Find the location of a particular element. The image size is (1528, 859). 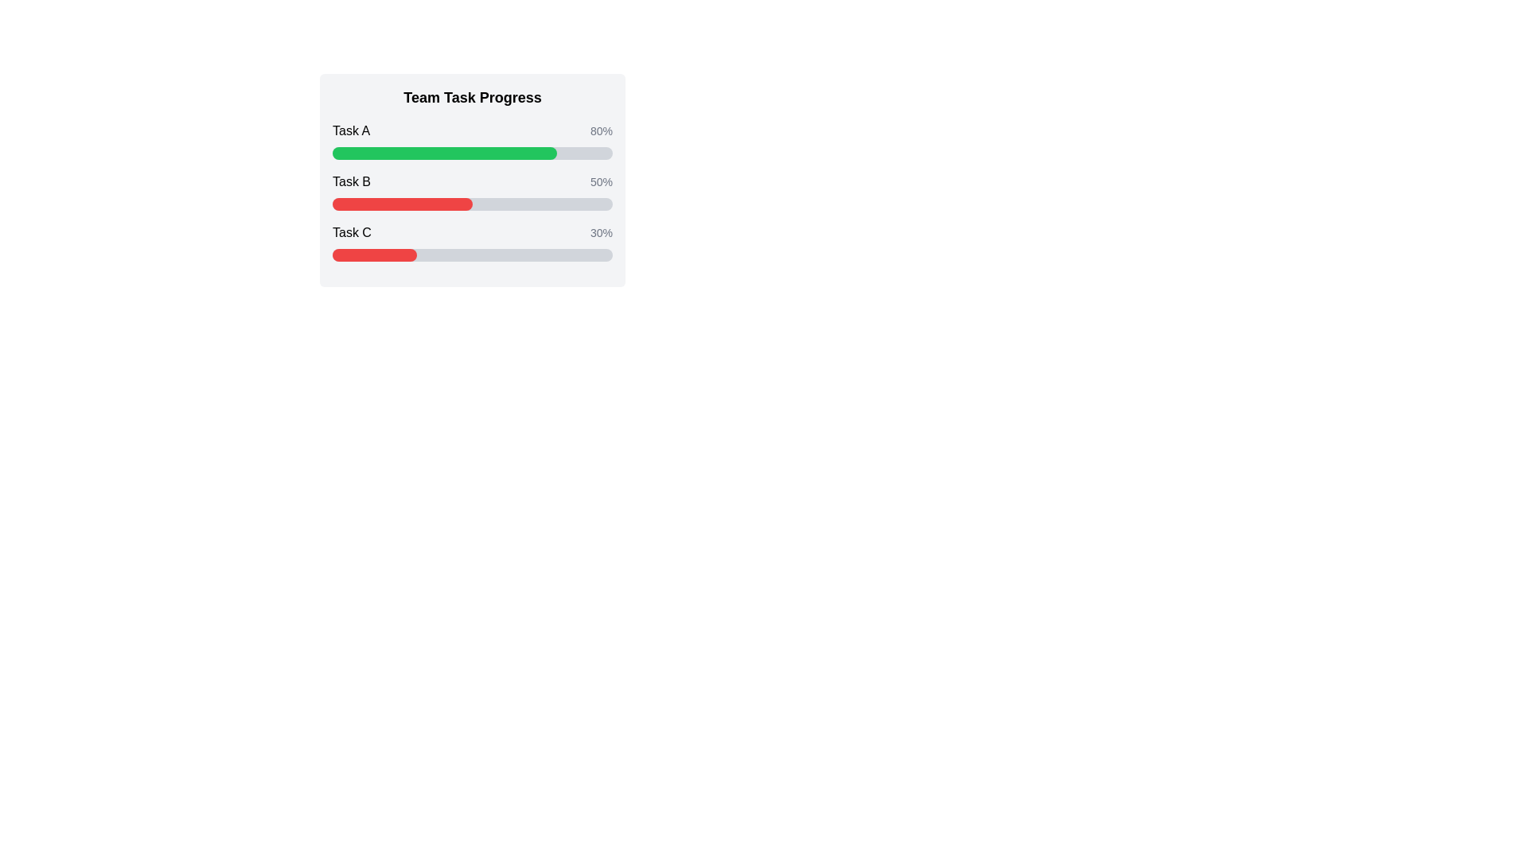

the text label that reads 'Team Task Progress', which is prominently styled in bold, large black font against a light gray background is located at coordinates (472, 98).